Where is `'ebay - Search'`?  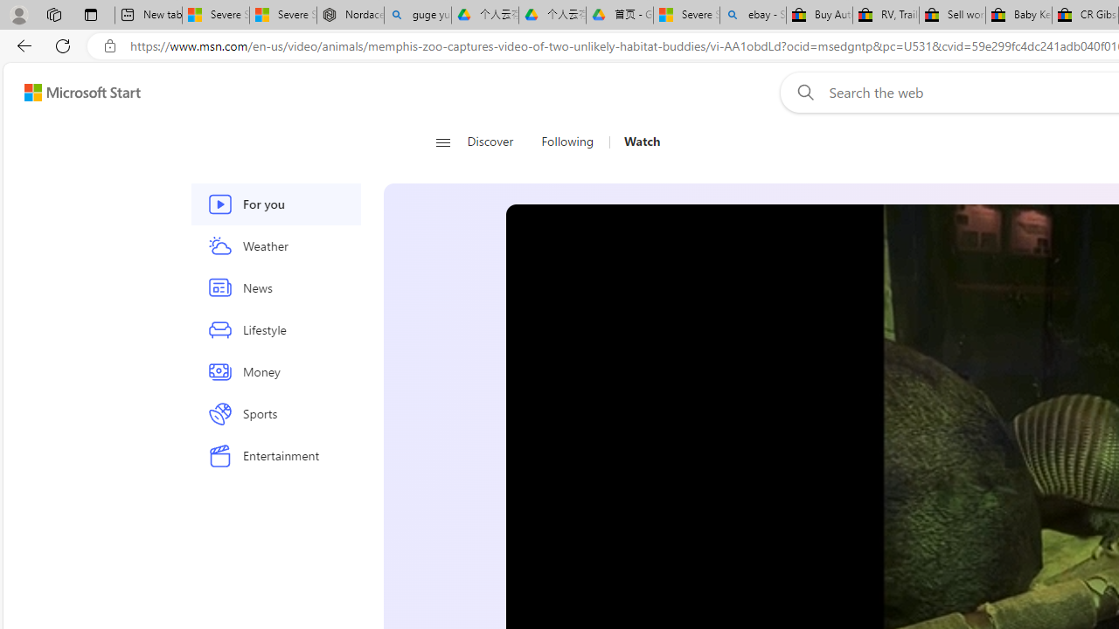 'ebay - Search' is located at coordinates (753, 15).